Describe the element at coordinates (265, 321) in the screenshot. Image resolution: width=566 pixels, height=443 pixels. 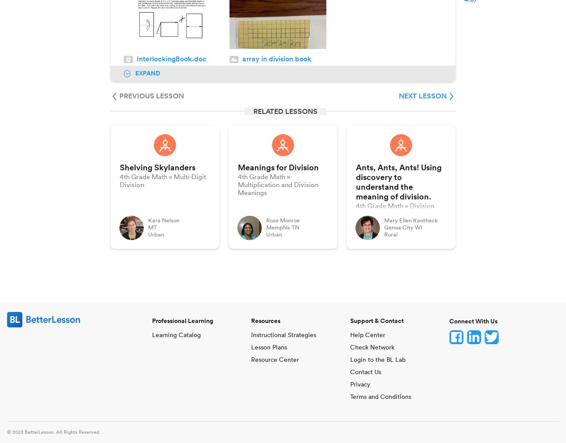
I see `'Resources'` at that location.